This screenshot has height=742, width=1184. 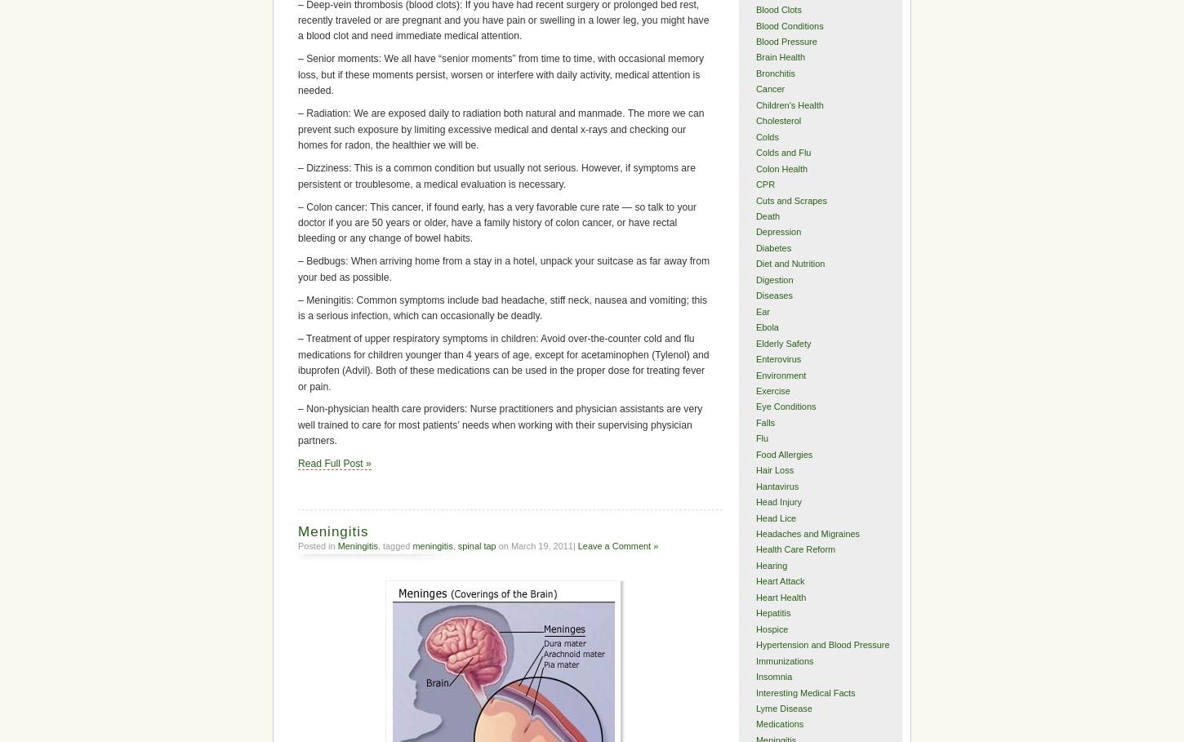 What do you see at coordinates (781, 167) in the screenshot?
I see `'Colon Health'` at bounding box center [781, 167].